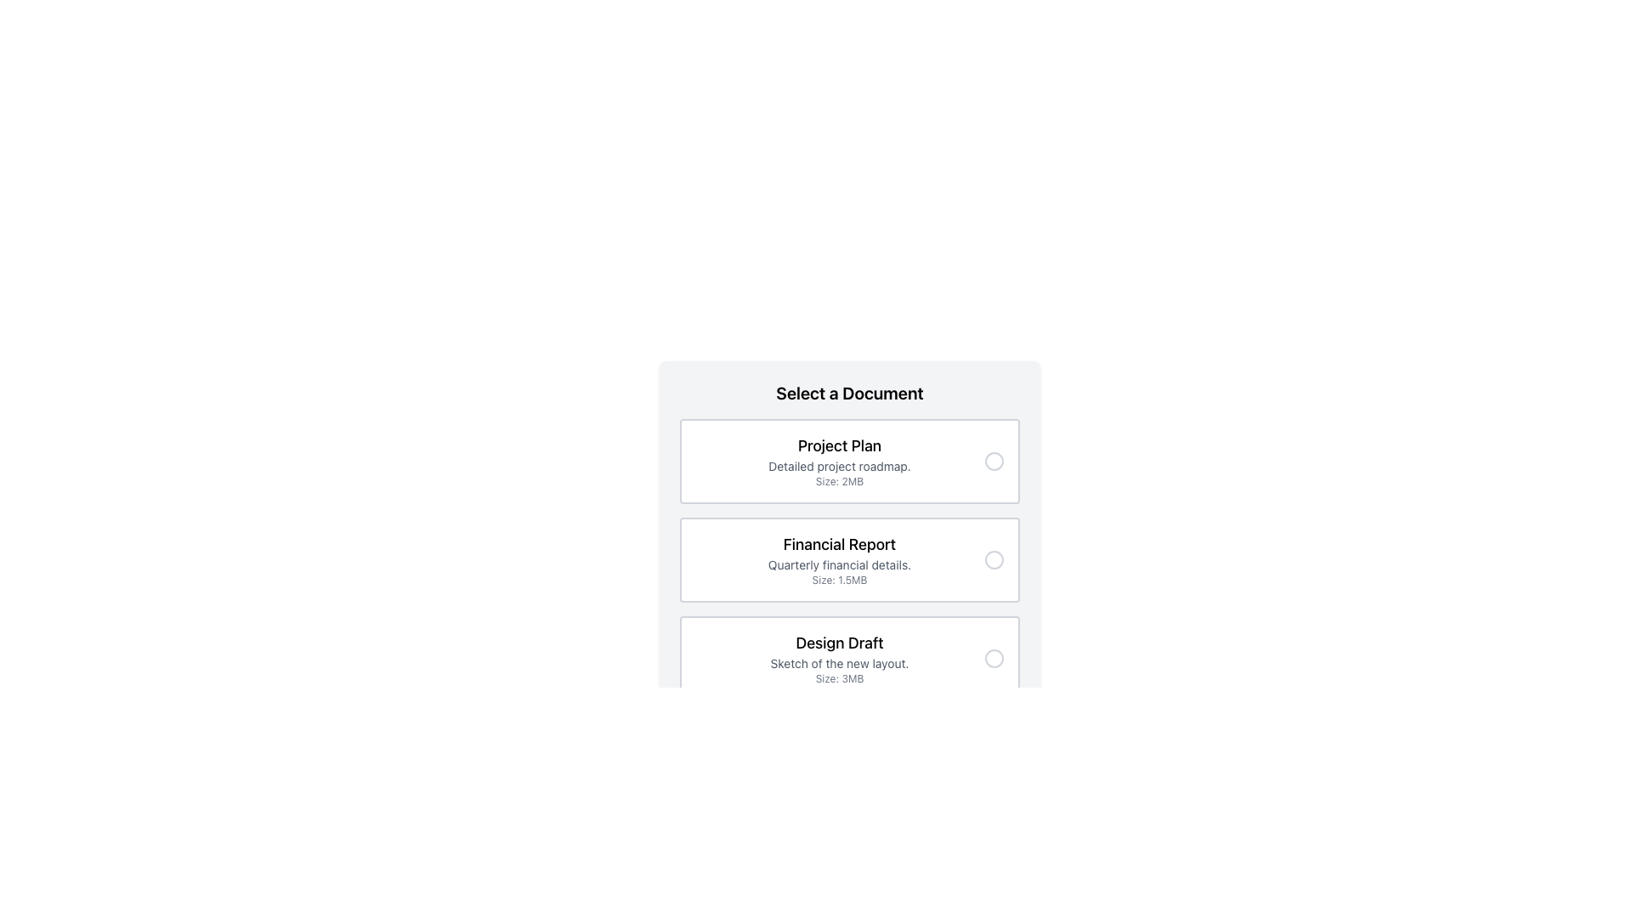 The height and width of the screenshot is (918, 1632). Describe the element at coordinates (849, 560) in the screenshot. I see `the 'Financial Report' document option in the selectable list` at that location.